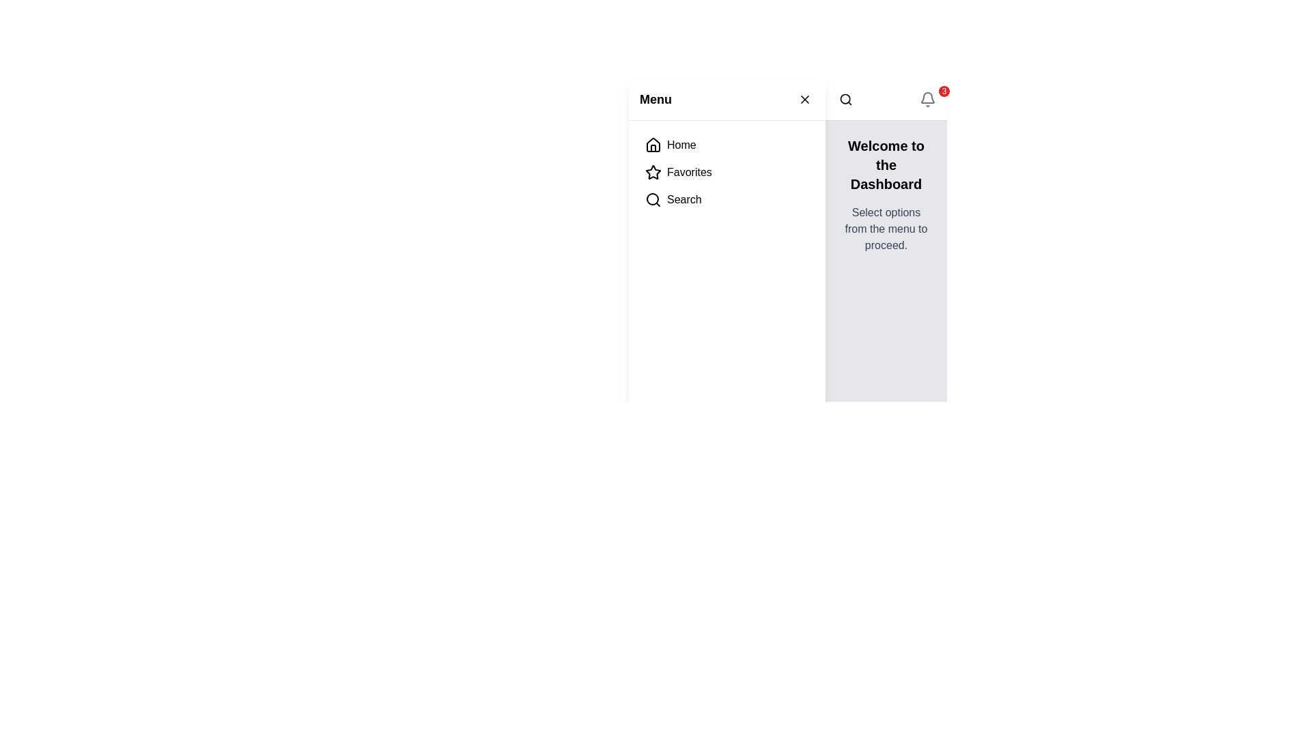 The width and height of the screenshot is (1311, 737). Describe the element at coordinates (943, 91) in the screenshot. I see `the Notification badge located adjacent to the notification bell icon at the top-right side, which indicates the number of new notifications or updates` at that location.